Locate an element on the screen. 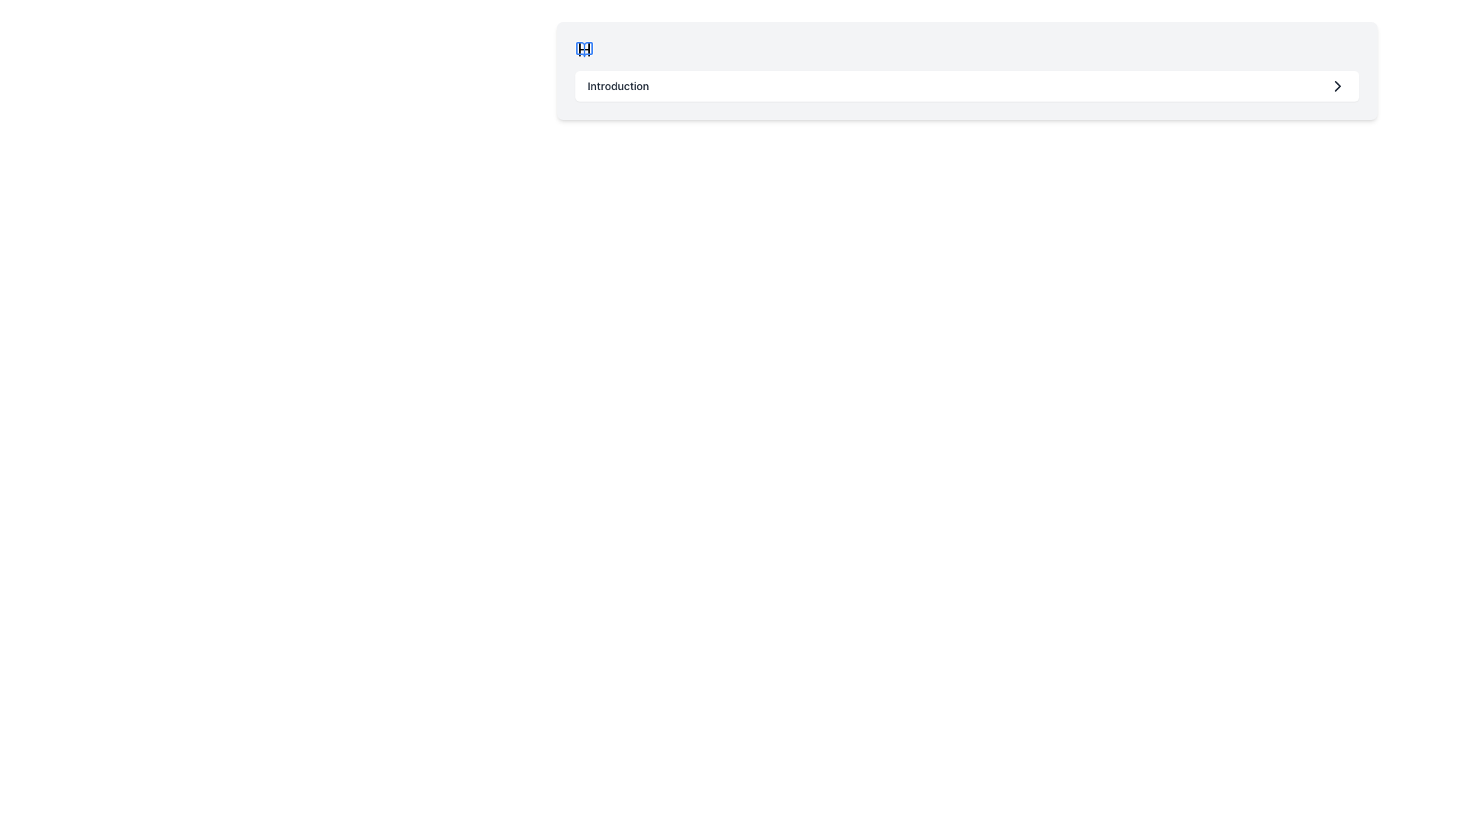  the icon that serves as a graphical representation for the section header, located at the upper-left corner of the box, immediately to the left of the text 'Introduction' is located at coordinates (583, 49).